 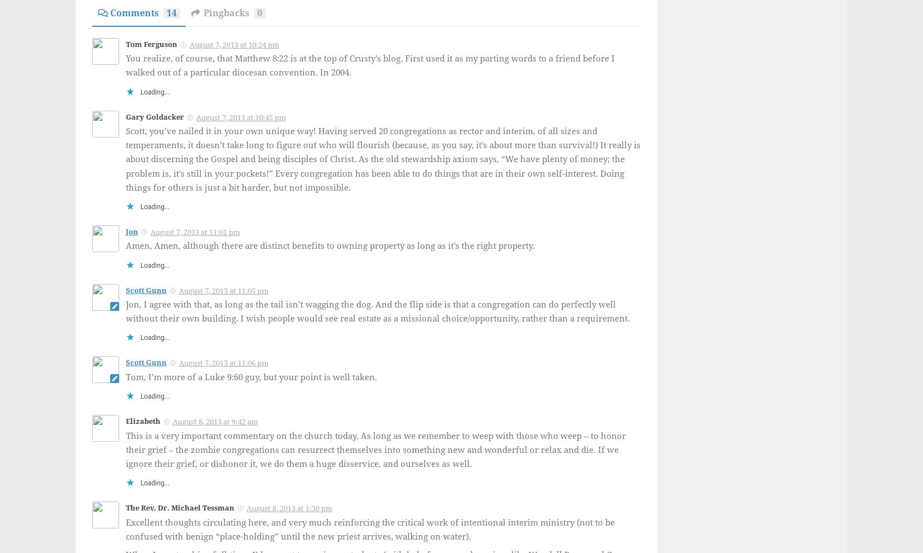 What do you see at coordinates (203, 12) in the screenshot?
I see `'Pingbacks'` at bounding box center [203, 12].